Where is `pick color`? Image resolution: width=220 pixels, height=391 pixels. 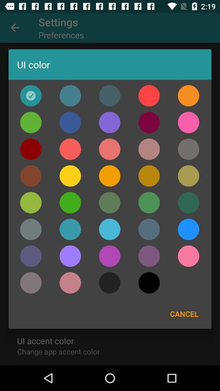
pick color is located at coordinates (188, 149).